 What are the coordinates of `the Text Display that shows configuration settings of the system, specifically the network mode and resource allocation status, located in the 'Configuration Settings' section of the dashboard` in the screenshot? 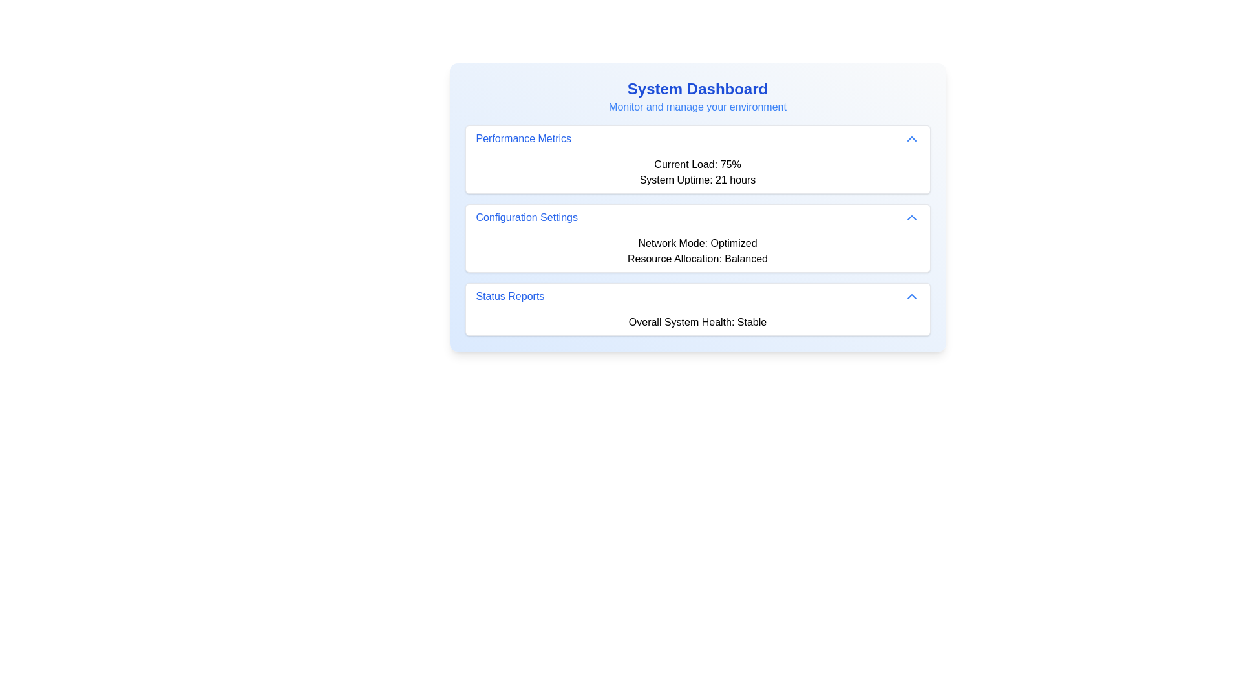 It's located at (697, 251).